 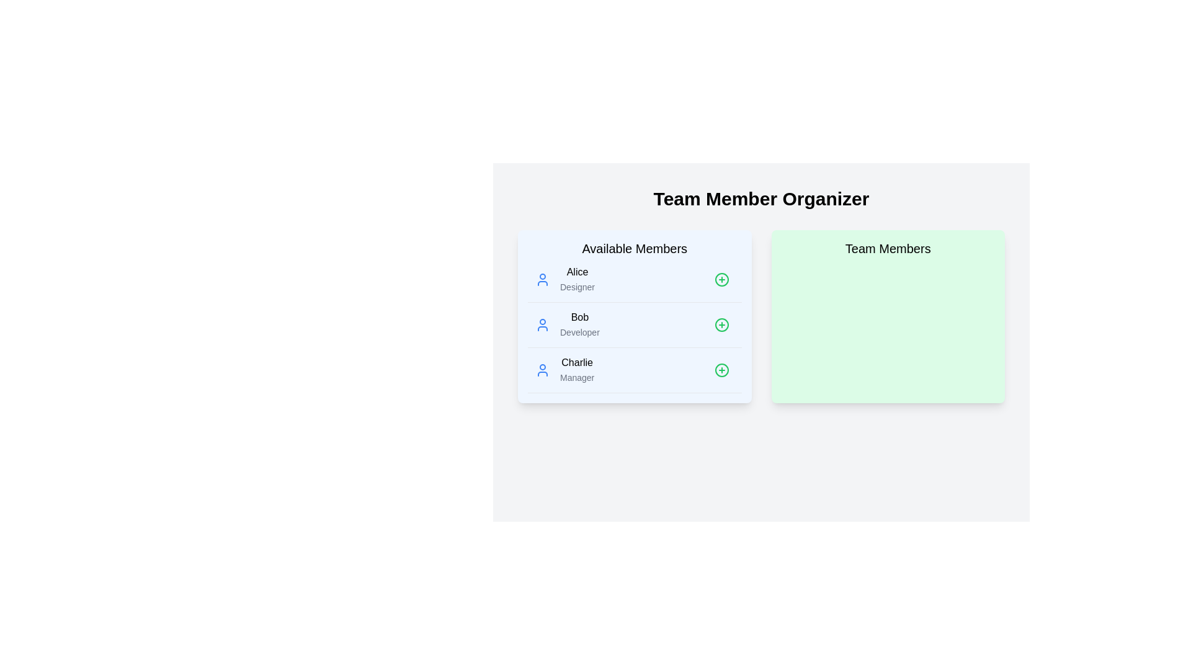 What do you see at coordinates (542, 324) in the screenshot?
I see `the user profile icon for the member named Bob, located in the 'Available Members' panel, to the left of the 'Bob' text label and above the 'Developer' text label` at bounding box center [542, 324].